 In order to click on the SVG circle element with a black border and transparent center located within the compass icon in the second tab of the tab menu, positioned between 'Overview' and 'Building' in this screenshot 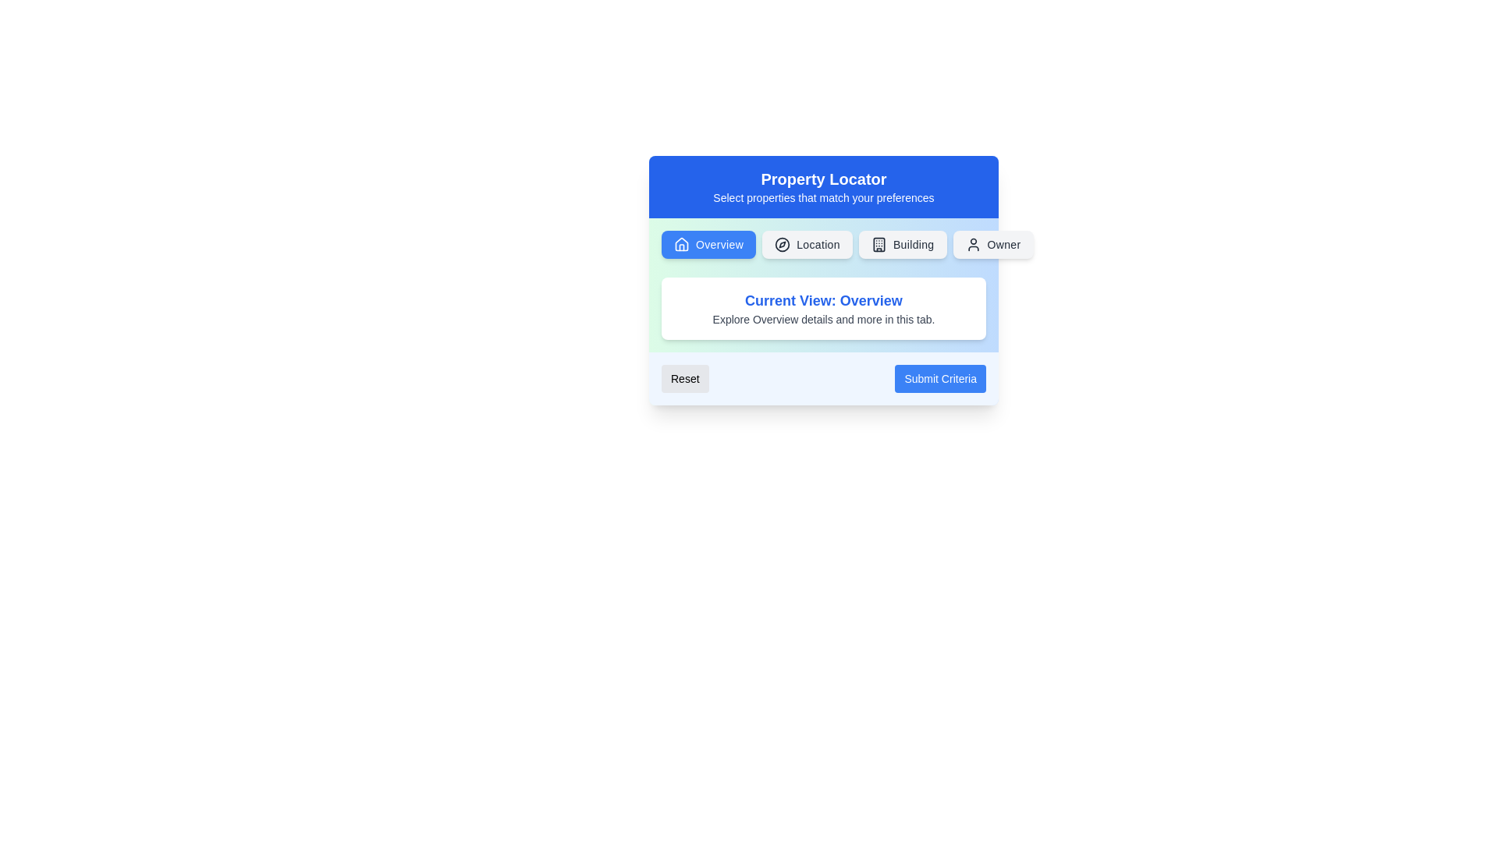, I will do `click(783, 244)`.